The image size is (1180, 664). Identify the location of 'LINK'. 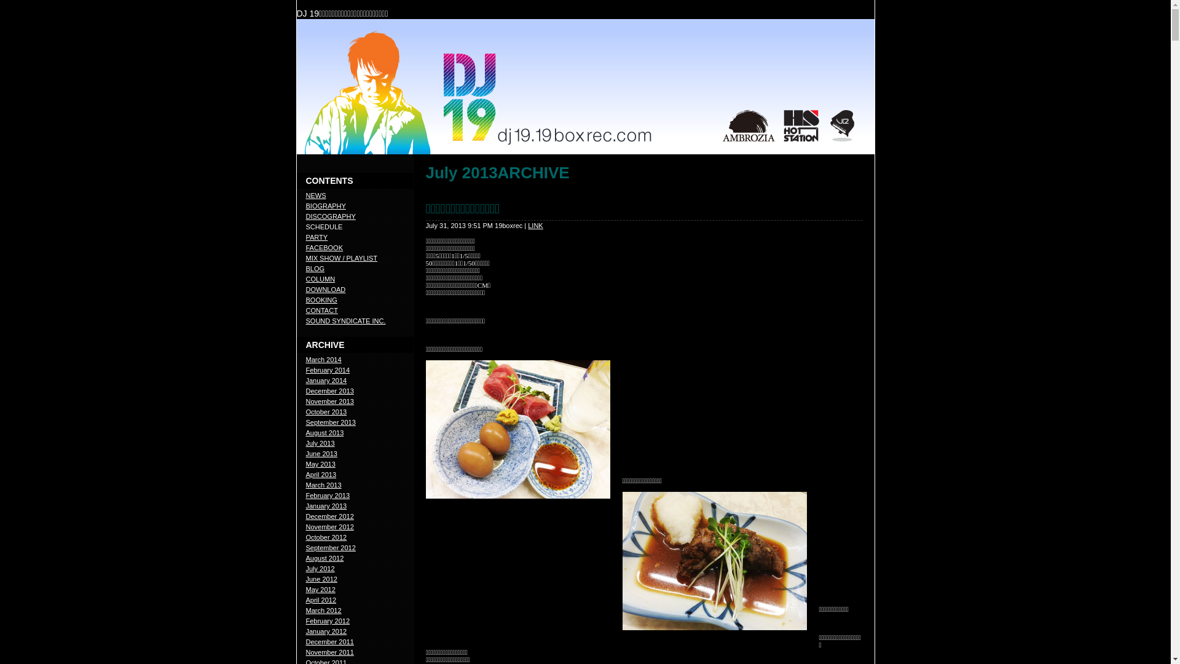
(535, 225).